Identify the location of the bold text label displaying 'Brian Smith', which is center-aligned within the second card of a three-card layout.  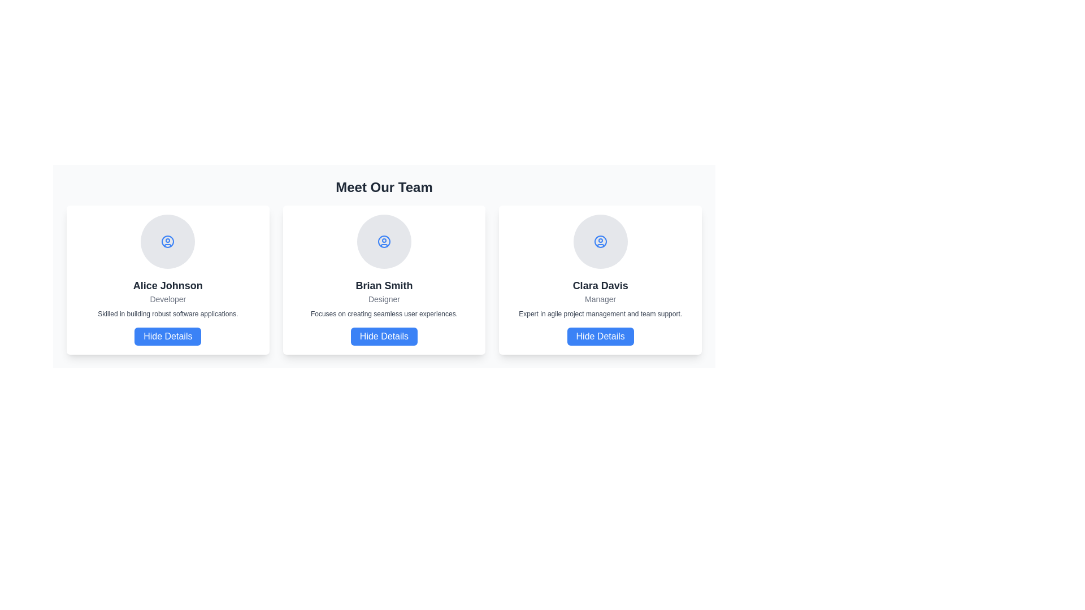
(384, 285).